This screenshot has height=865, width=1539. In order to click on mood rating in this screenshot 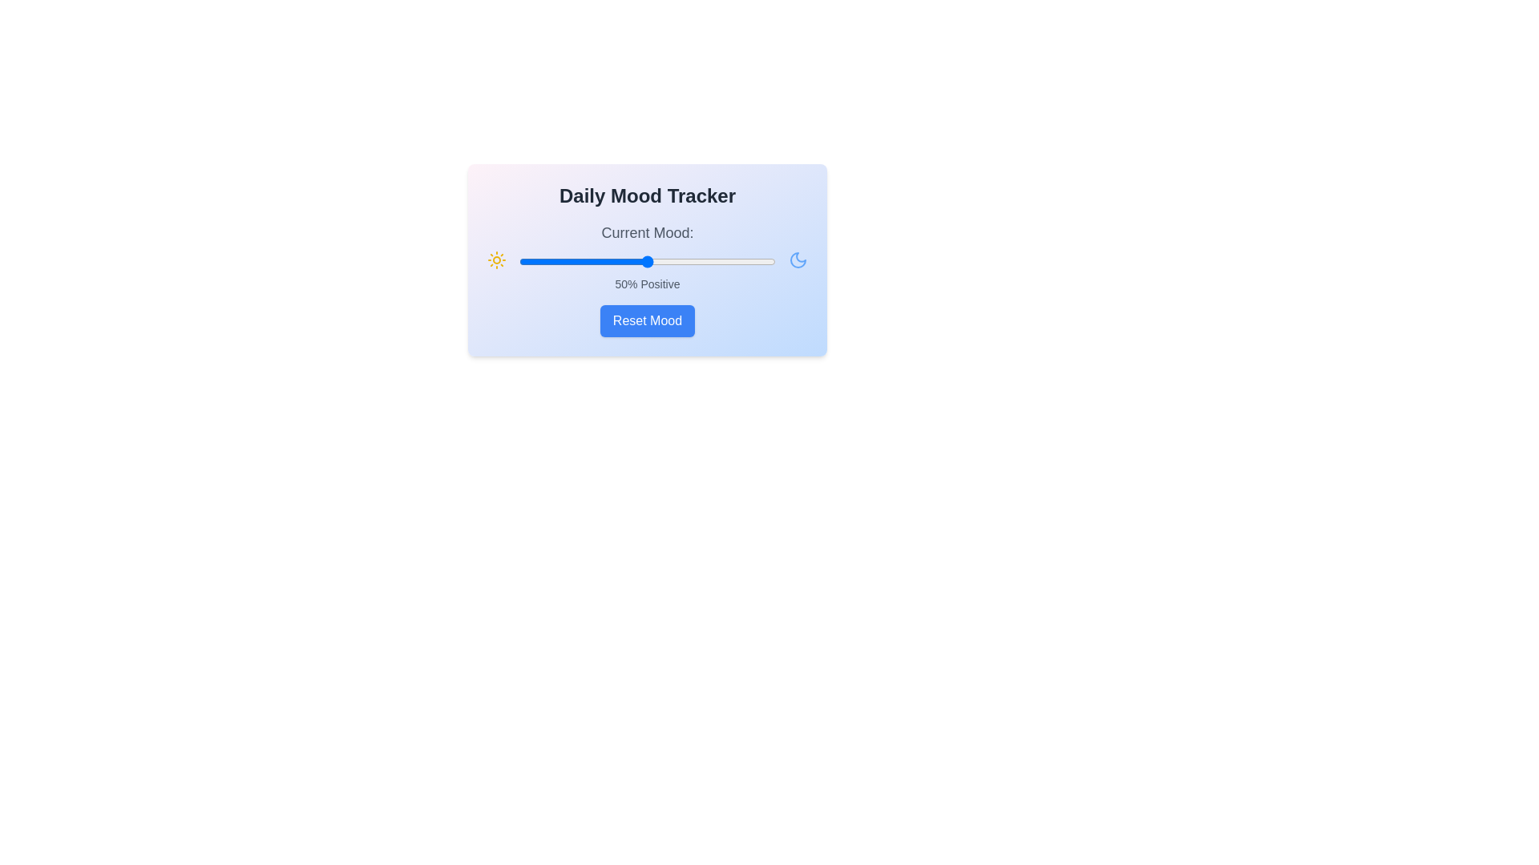, I will do `click(577, 261)`.